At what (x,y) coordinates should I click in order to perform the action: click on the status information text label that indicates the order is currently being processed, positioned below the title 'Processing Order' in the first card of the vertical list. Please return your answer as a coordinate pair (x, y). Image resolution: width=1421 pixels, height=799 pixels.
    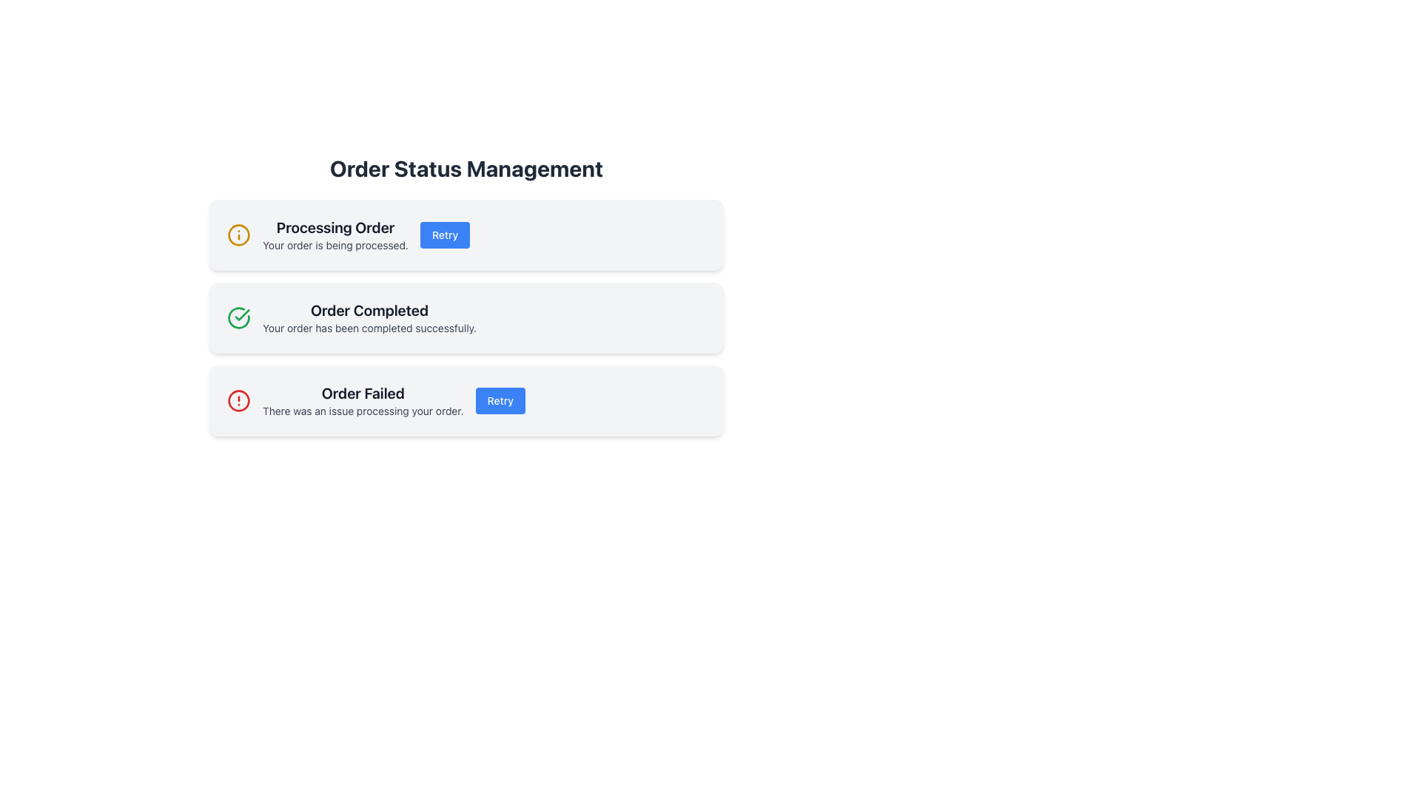
    Looking at the image, I should click on (335, 244).